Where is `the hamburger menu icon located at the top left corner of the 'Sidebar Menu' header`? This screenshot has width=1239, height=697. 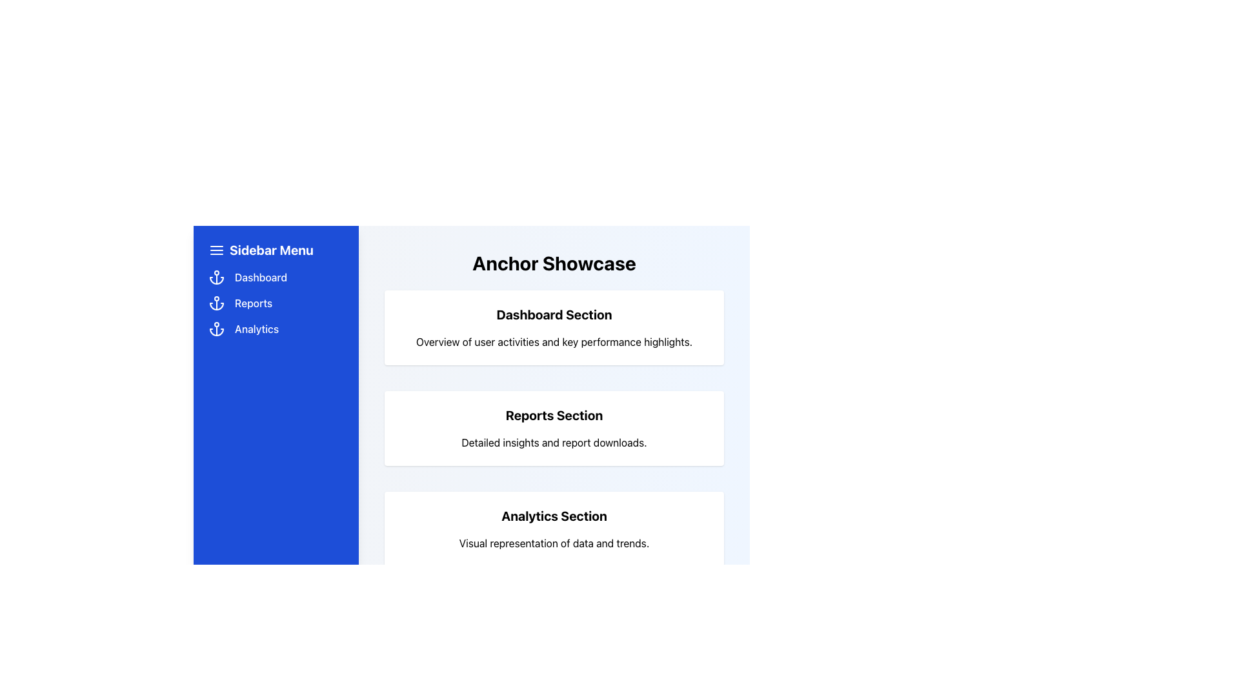
the hamburger menu icon located at the top left corner of the 'Sidebar Menu' header is located at coordinates (217, 250).